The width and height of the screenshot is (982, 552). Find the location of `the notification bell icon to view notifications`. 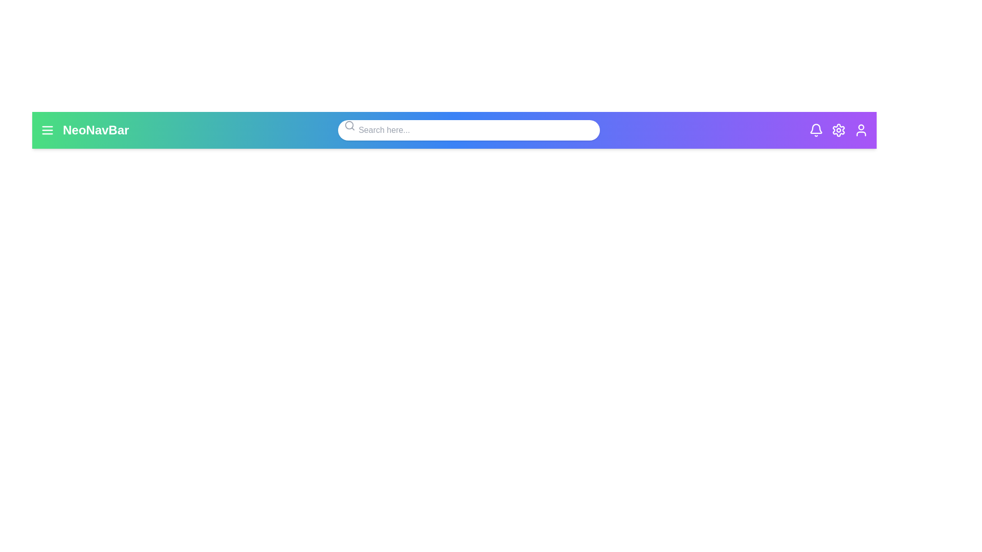

the notification bell icon to view notifications is located at coordinates (815, 129).